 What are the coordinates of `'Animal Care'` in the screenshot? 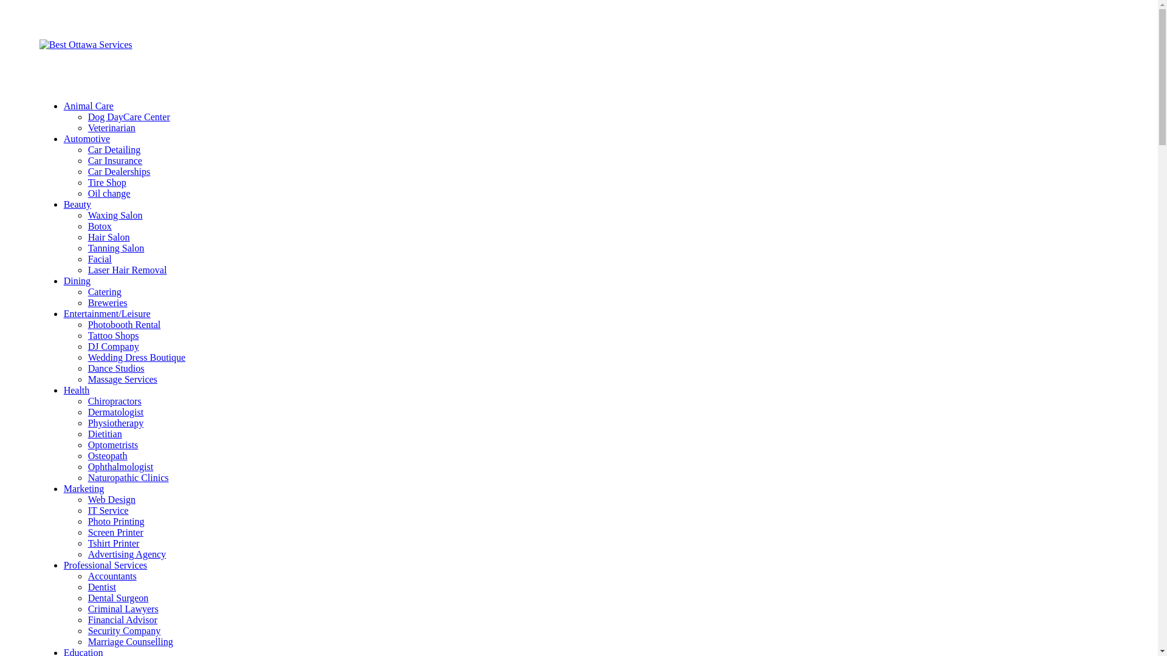 It's located at (63, 105).